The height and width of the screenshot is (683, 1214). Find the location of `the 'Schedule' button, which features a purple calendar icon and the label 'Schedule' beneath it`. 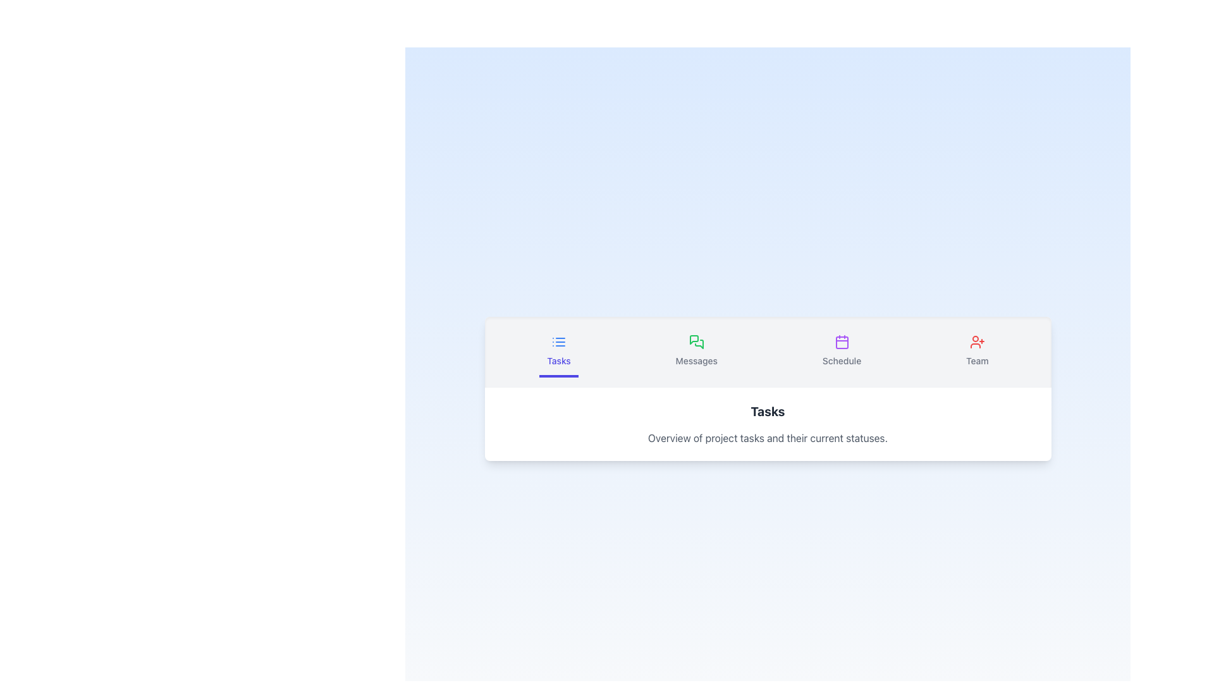

the 'Schedule' button, which features a purple calendar icon and the label 'Schedule' beneath it is located at coordinates (842, 352).